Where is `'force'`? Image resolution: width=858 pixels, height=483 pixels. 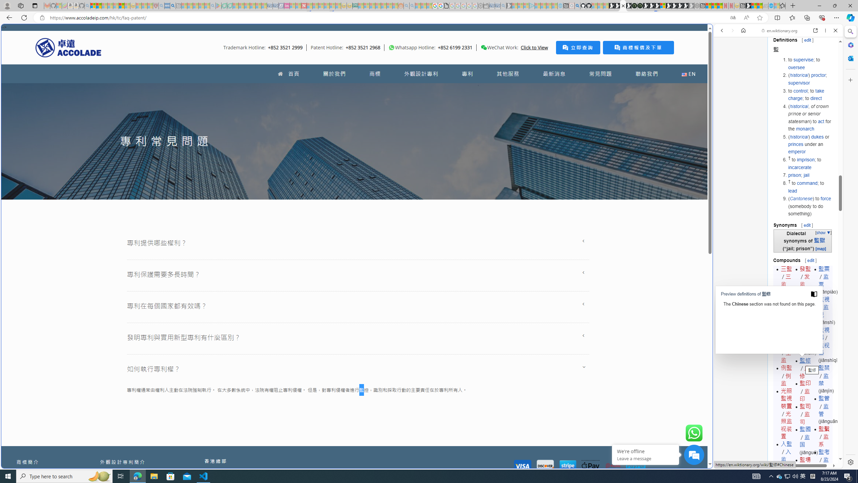 'force' is located at coordinates (825, 198).